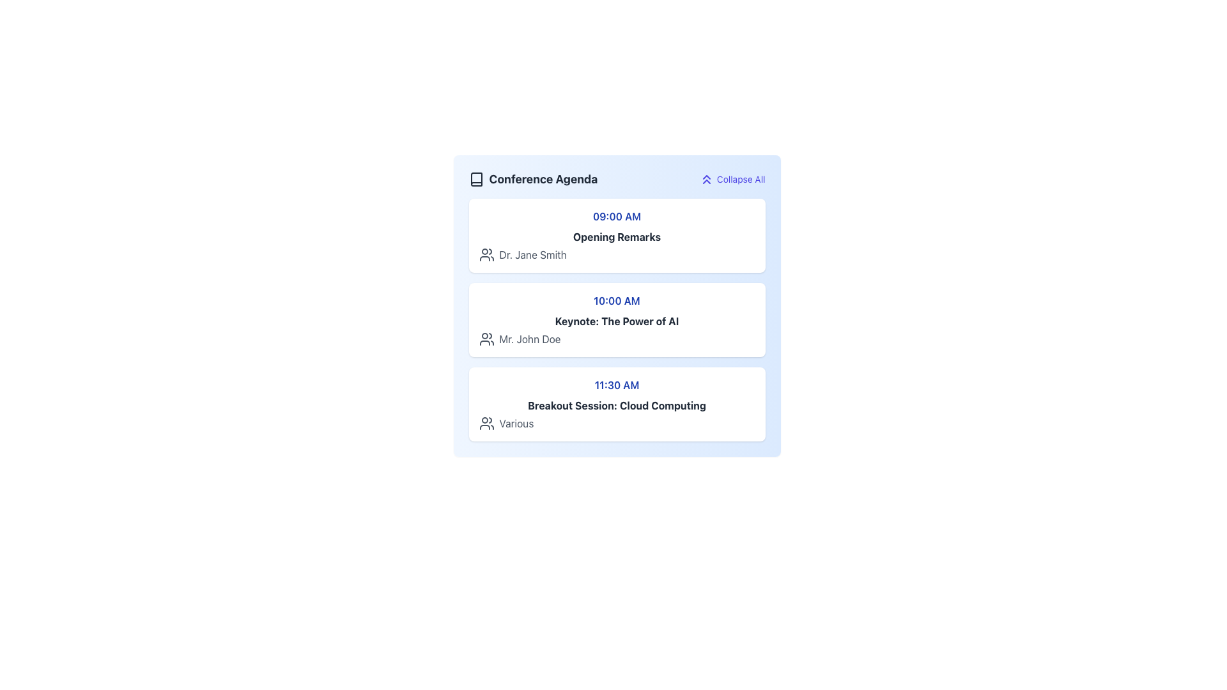 This screenshot has height=690, width=1227. I want to click on the second card in the agenda panel, which features a blue time label '10:00 AM', a bold title 'Keynote: The Power of AI', and a gray subtitle with a user icon 'Mr. John Doe', to interact or view details, so click(617, 319).